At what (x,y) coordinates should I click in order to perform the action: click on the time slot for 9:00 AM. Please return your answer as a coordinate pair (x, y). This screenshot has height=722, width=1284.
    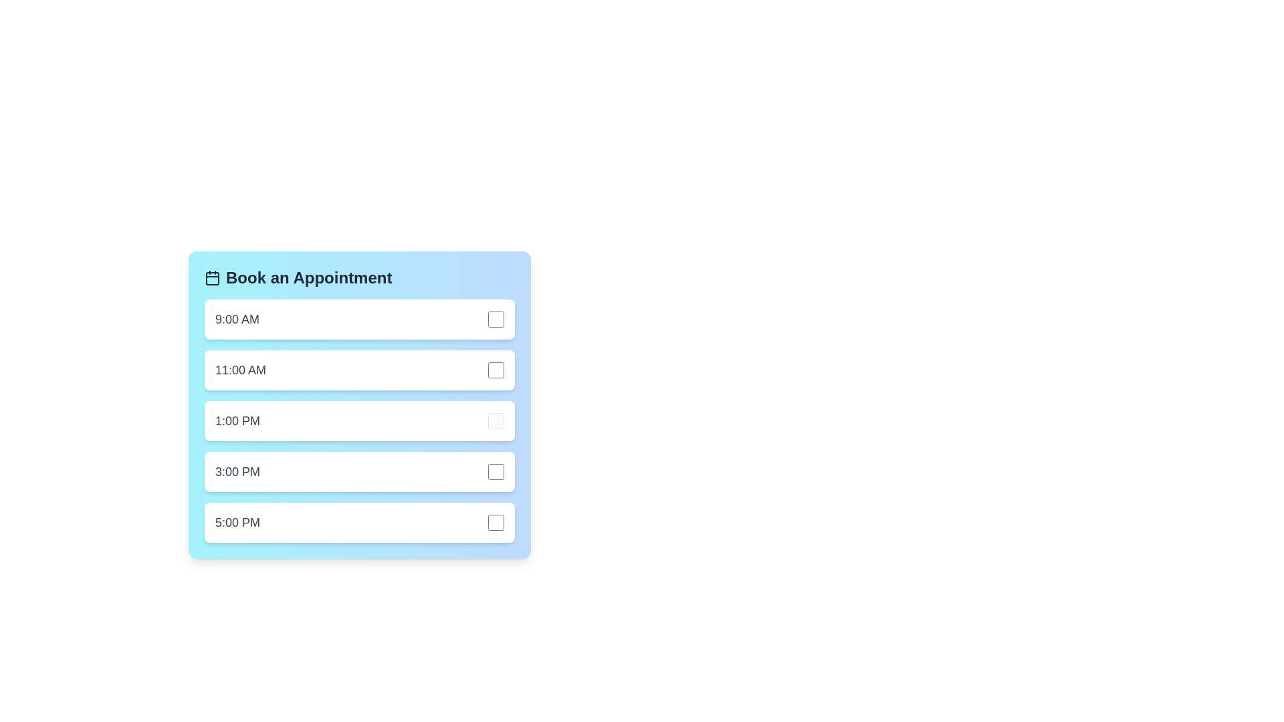
    Looking at the image, I should click on (359, 320).